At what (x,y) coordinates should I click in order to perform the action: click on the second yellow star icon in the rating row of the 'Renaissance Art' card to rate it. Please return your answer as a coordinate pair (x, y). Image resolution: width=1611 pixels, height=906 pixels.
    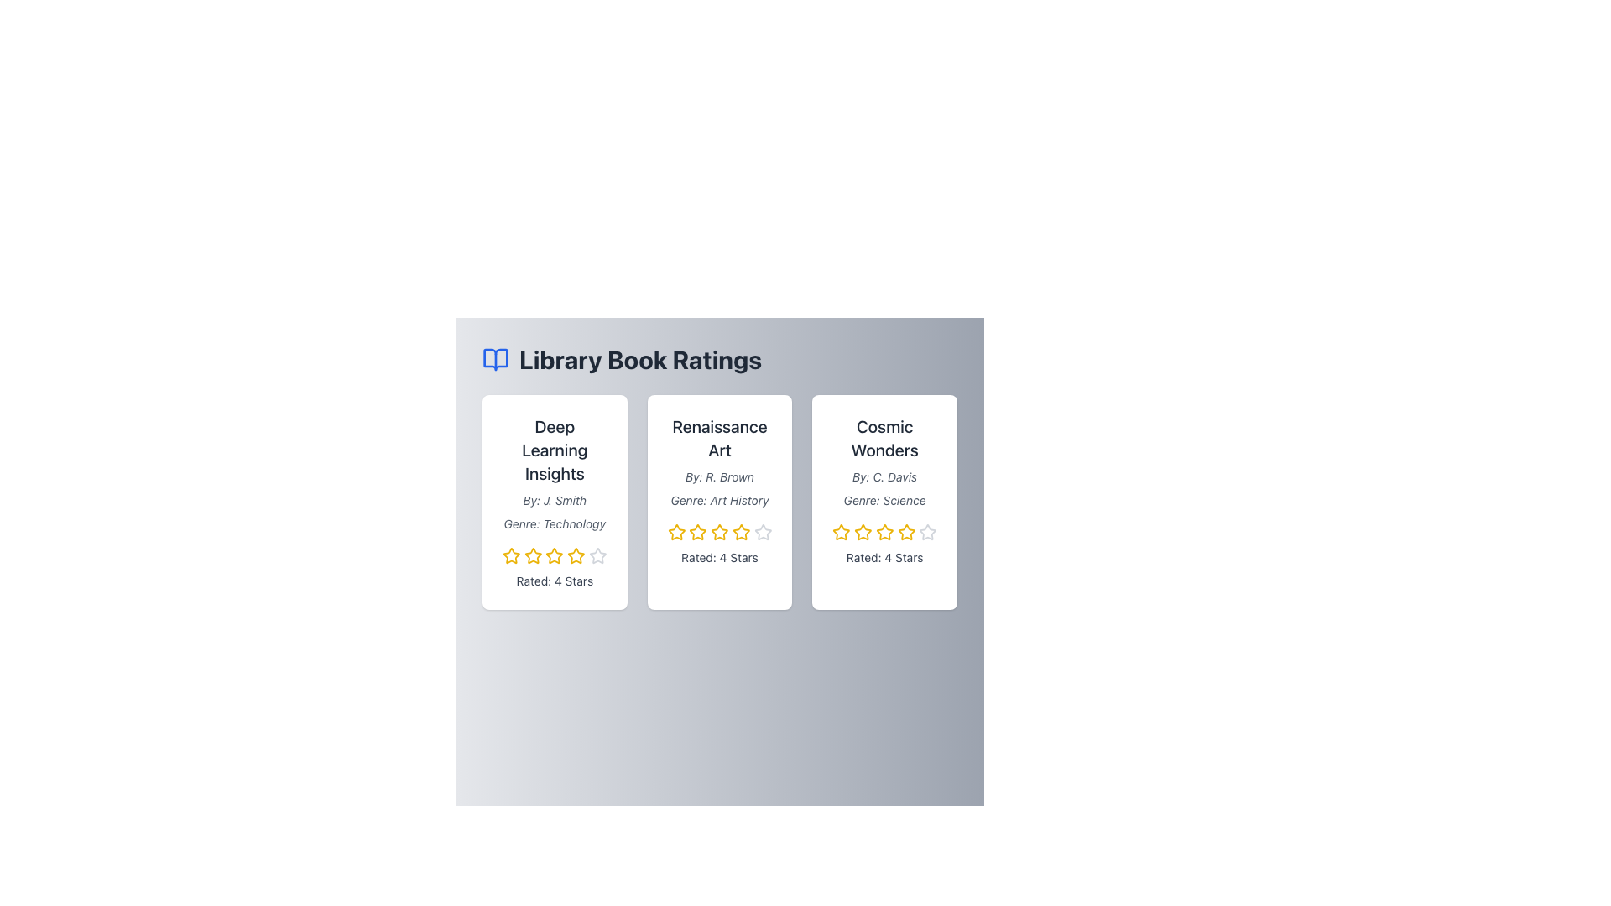
    Looking at the image, I should click on (697, 533).